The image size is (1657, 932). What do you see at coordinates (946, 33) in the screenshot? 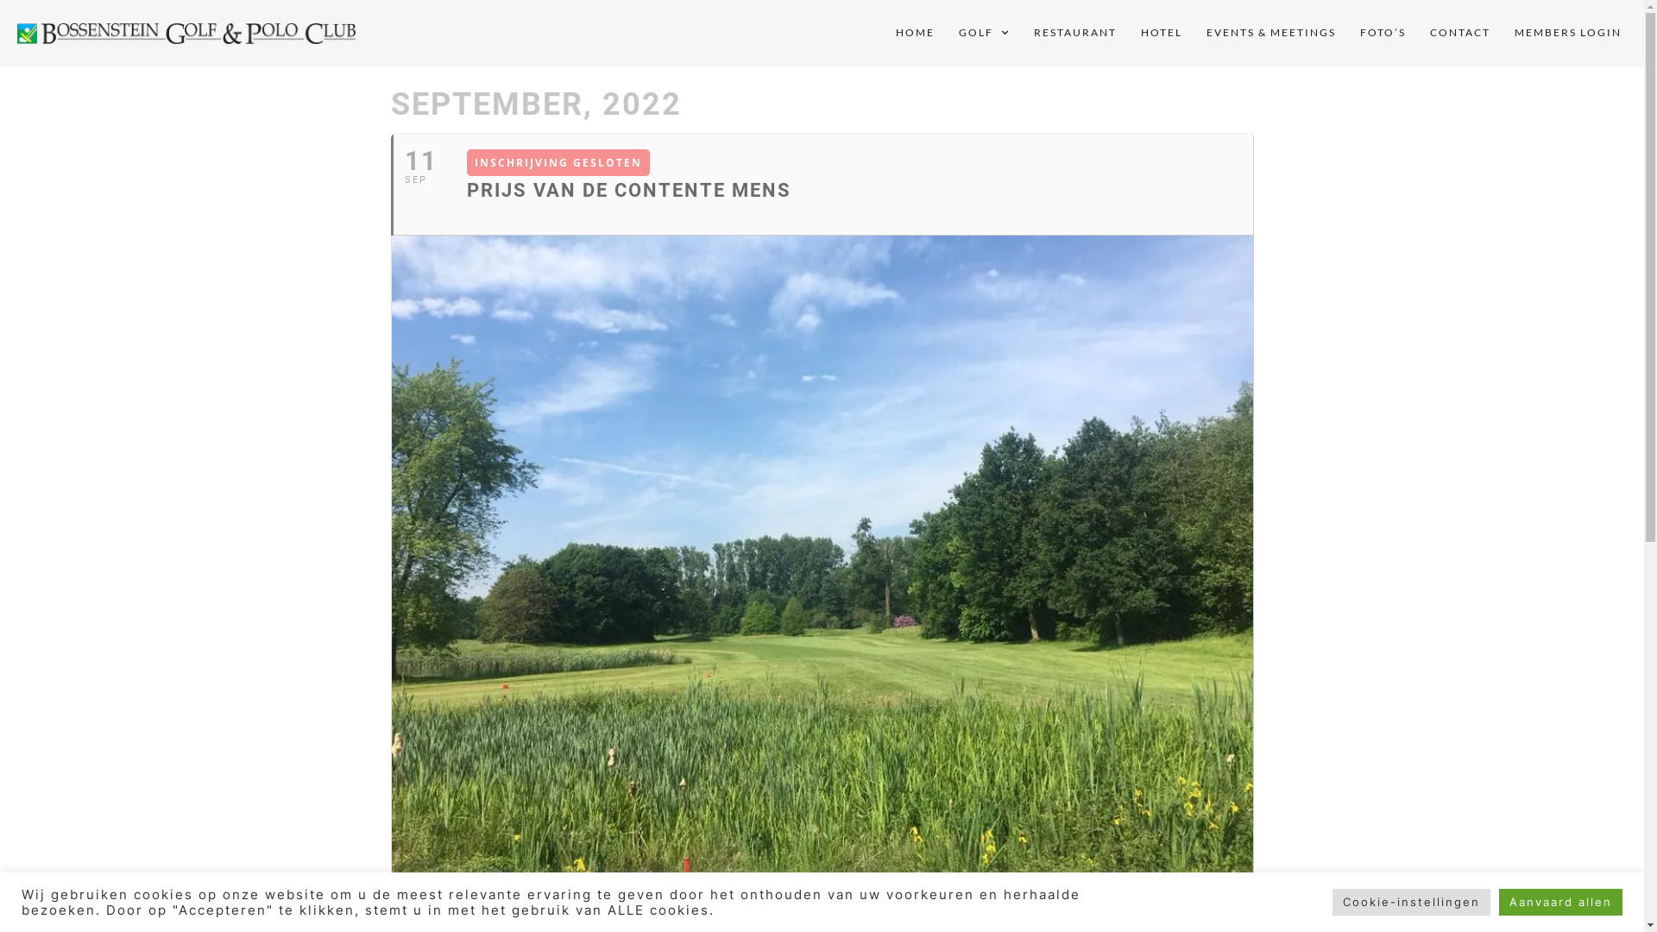
I see `'GOLF'` at bounding box center [946, 33].